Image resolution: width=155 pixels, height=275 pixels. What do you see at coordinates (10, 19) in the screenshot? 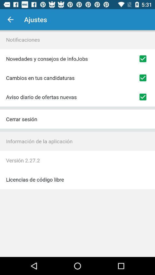
I see `the item next to ajustes item` at bounding box center [10, 19].